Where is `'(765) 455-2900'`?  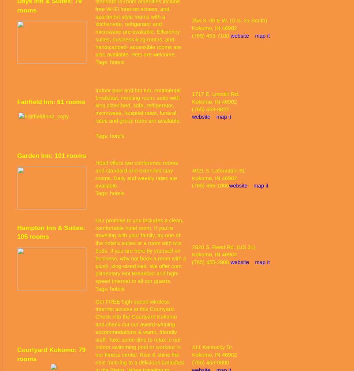
'(765) 455-2900' is located at coordinates (211, 262).